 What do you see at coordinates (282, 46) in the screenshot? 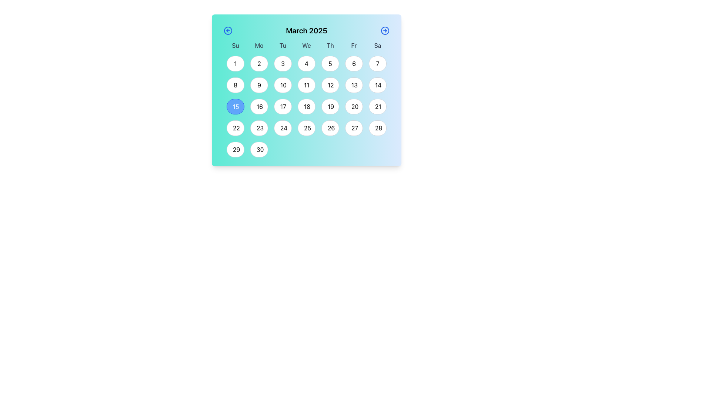
I see `static text label 'Tu' which is the third abbreviation in the header row of weekdays in the calendar interface` at bounding box center [282, 46].